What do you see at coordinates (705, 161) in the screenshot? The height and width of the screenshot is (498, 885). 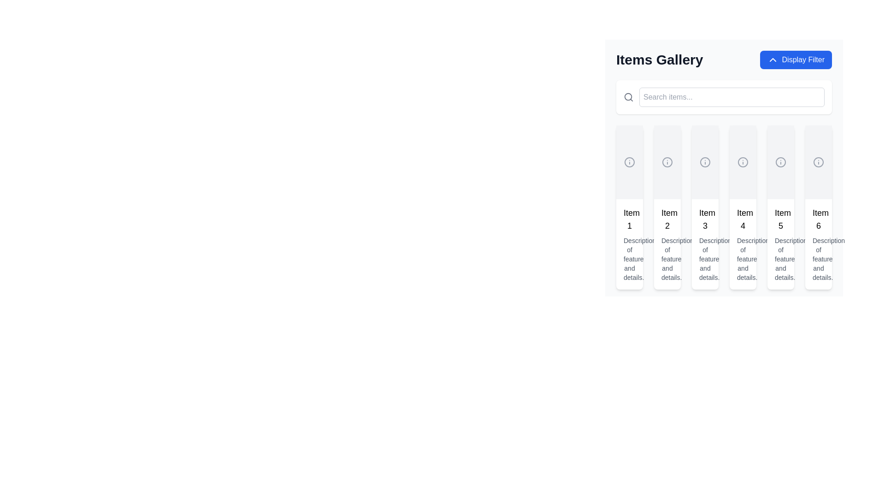 I see `the SVG circle element in the third column of the gallery item` at bounding box center [705, 161].